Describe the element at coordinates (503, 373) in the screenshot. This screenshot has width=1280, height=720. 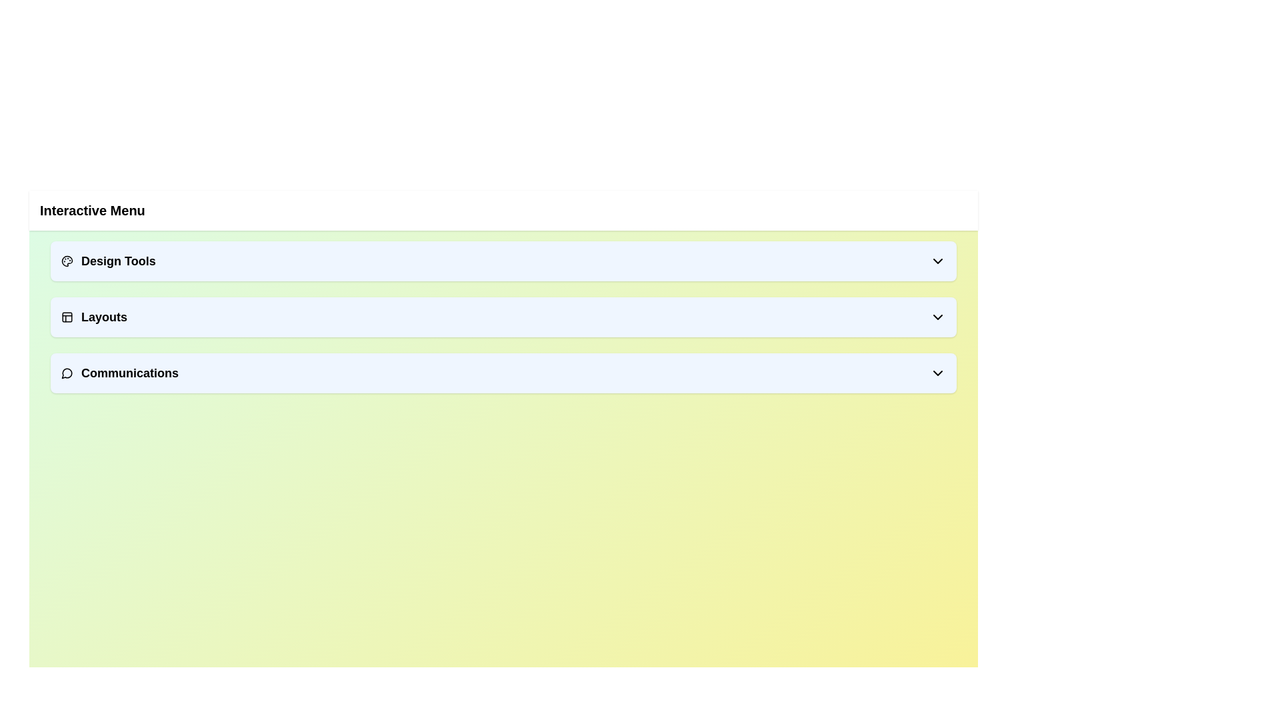
I see `the menu item labeled Communications to highlight it` at that location.